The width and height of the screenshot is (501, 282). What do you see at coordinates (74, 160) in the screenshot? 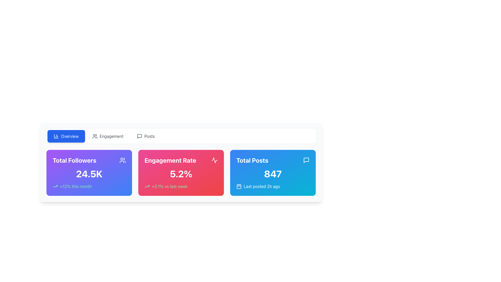
I see `the bold text label reading 'Total Followers' which is displayed in a large font size and vibrant white color against a purple background, located in the top-left corner of the first card in a row of summary cards` at bounding box center [74, 160].